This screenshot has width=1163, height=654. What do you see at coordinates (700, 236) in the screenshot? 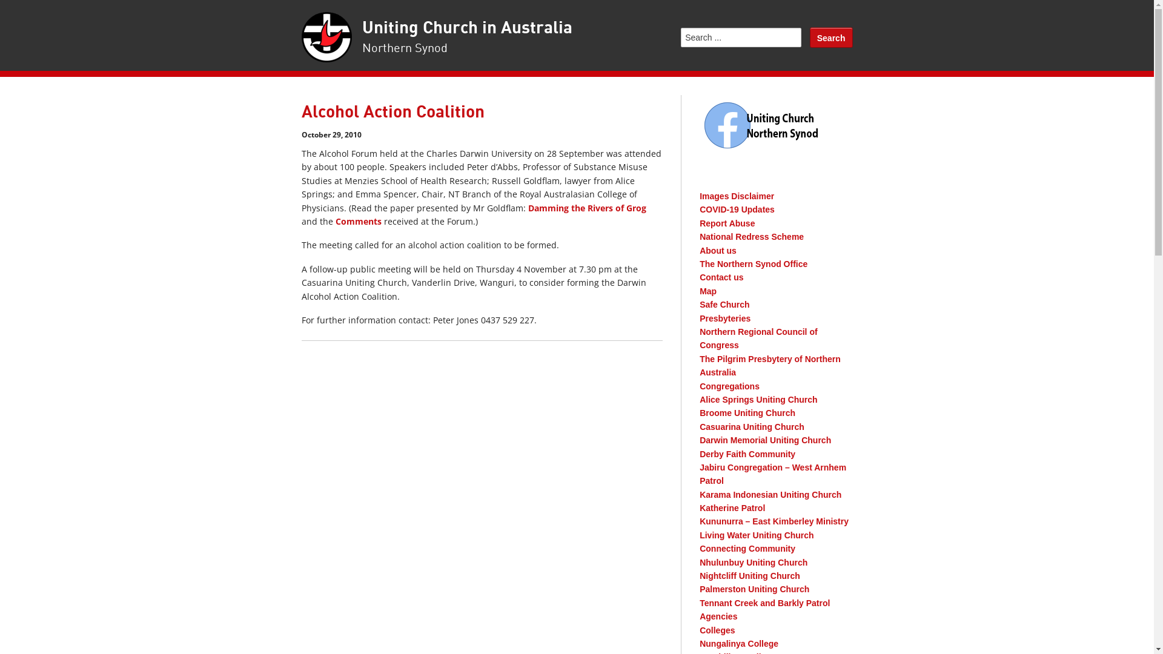
I see `'National Redress Scheme'` at bounding box center [700, 236].